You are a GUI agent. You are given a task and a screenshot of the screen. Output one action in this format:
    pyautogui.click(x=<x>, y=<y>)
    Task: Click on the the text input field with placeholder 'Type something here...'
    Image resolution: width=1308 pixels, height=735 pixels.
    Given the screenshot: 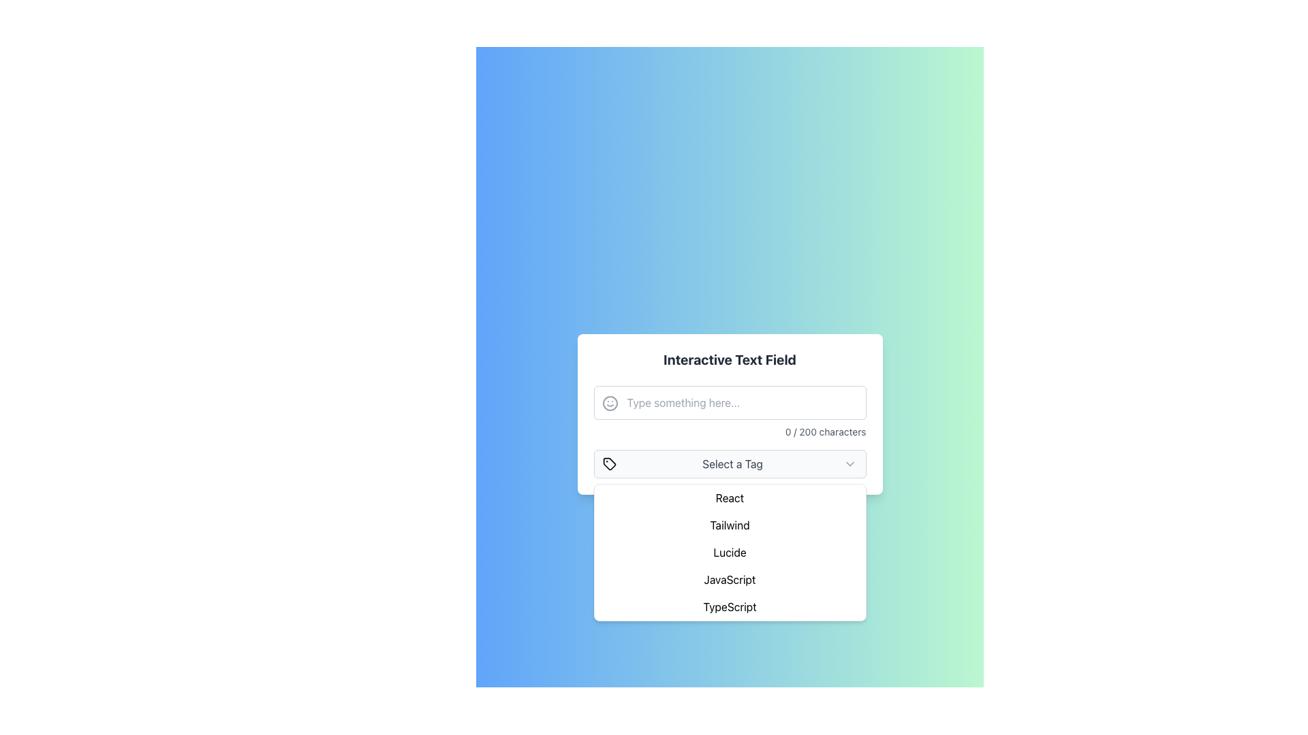 What is the action you would take?
    pyautogui.click(x=729, y=411)
    